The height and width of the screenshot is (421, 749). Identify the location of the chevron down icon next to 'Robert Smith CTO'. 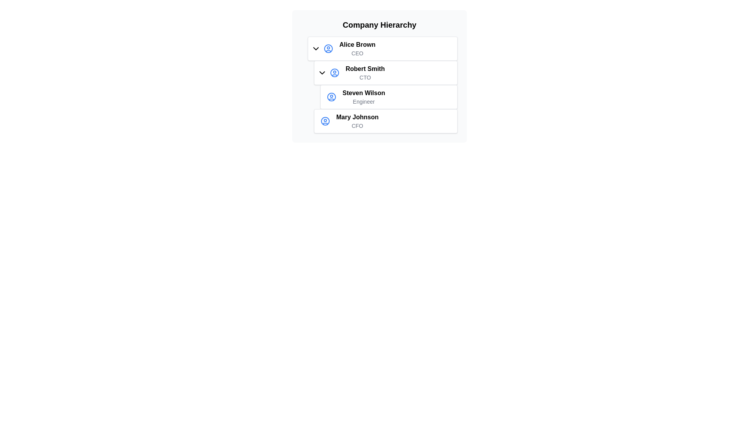
(322, 73).